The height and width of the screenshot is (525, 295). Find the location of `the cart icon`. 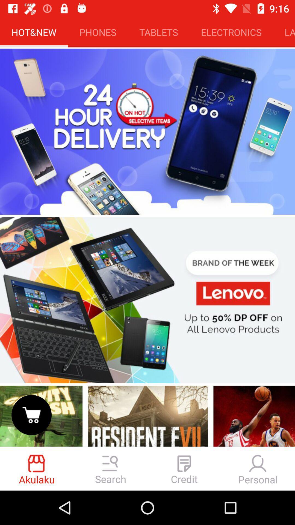

the cart icon is located at coordinates (31, 415).